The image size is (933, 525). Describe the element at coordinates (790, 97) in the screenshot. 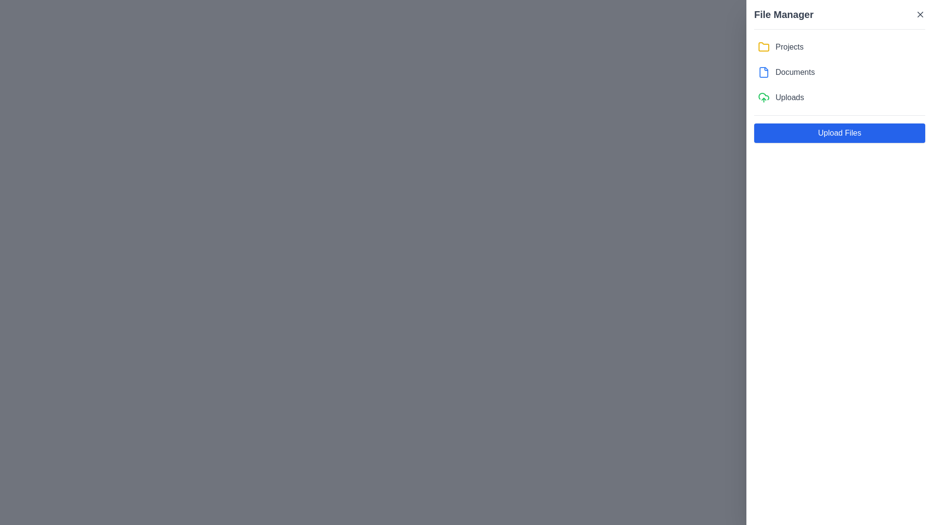

I see `the 'Uploads' text label, which is styled with a gray font color and positioned to the right of the green-colored cloud upload icon` at that location.